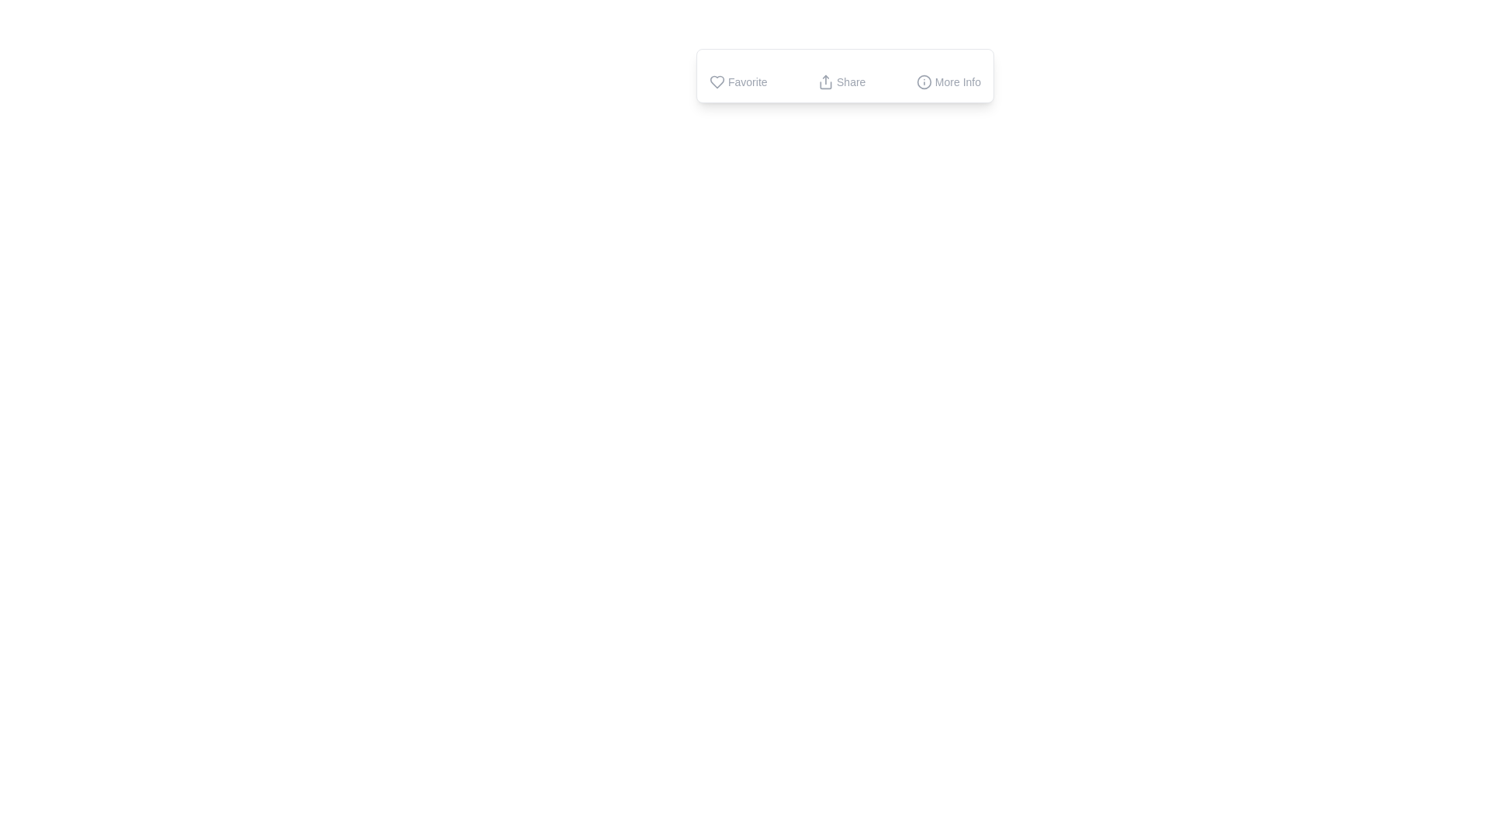  What do you see at coordinates (748, 81) in the screenshot?
I see `the Text label that describes the functionality of the heart icon, indicating it marks something as a favorite` at bounding box center [748, 81].